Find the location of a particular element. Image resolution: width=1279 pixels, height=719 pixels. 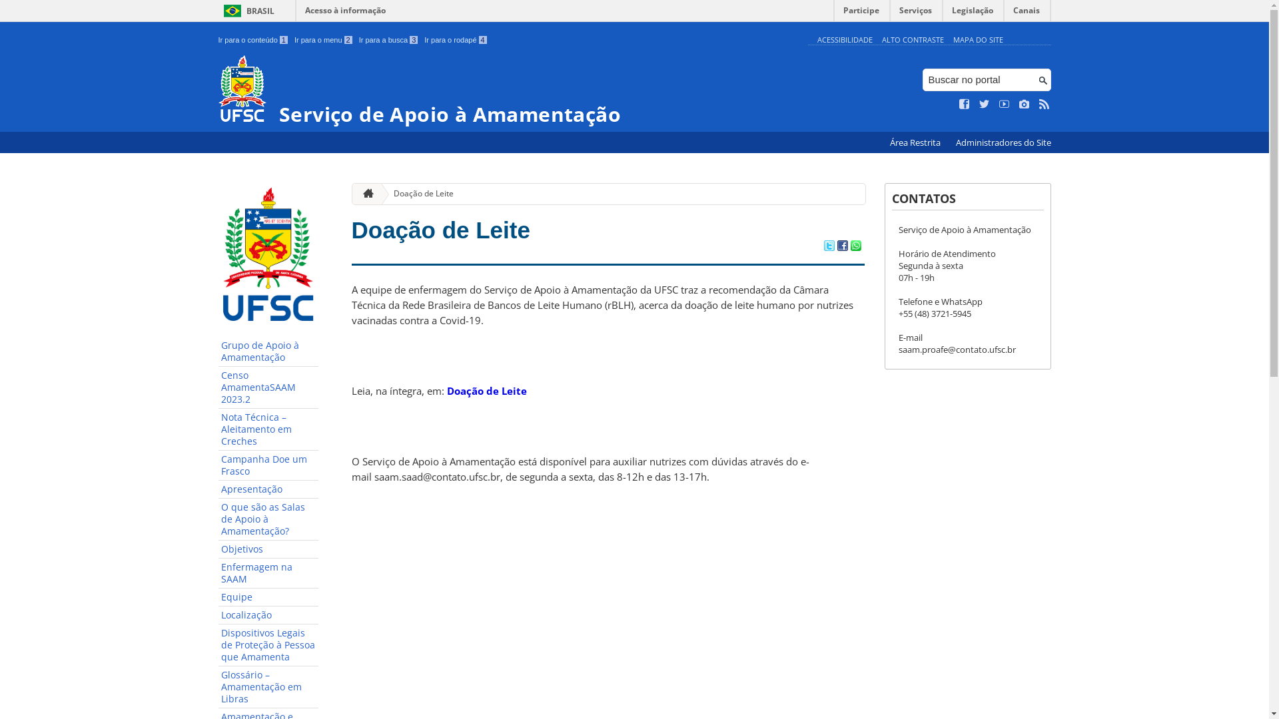

'Campanha Doe um Frasco' is located at coordinates (268, 465).